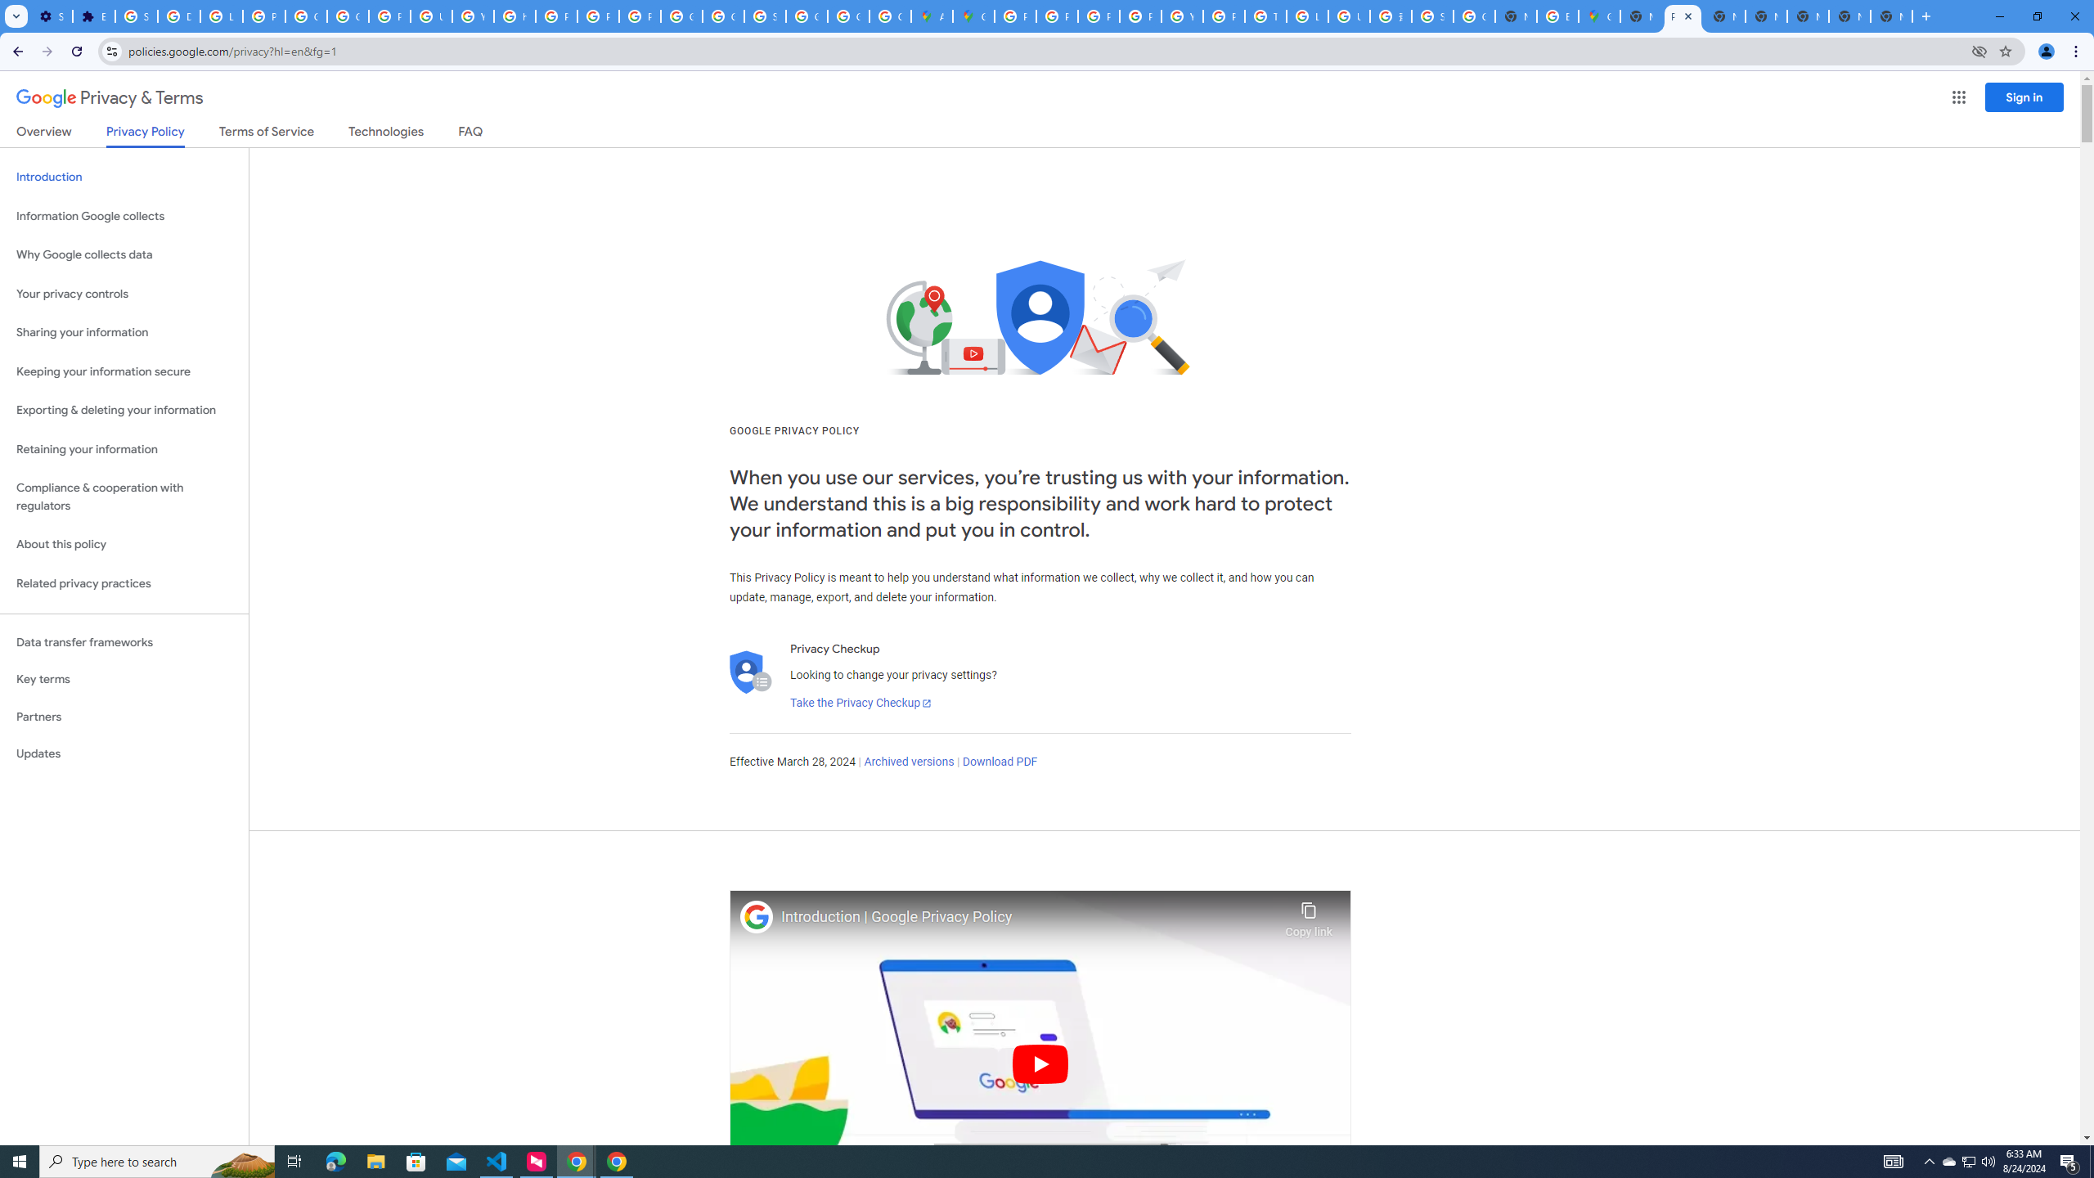  I want to click on 'Google Maps', so click(973, 16).